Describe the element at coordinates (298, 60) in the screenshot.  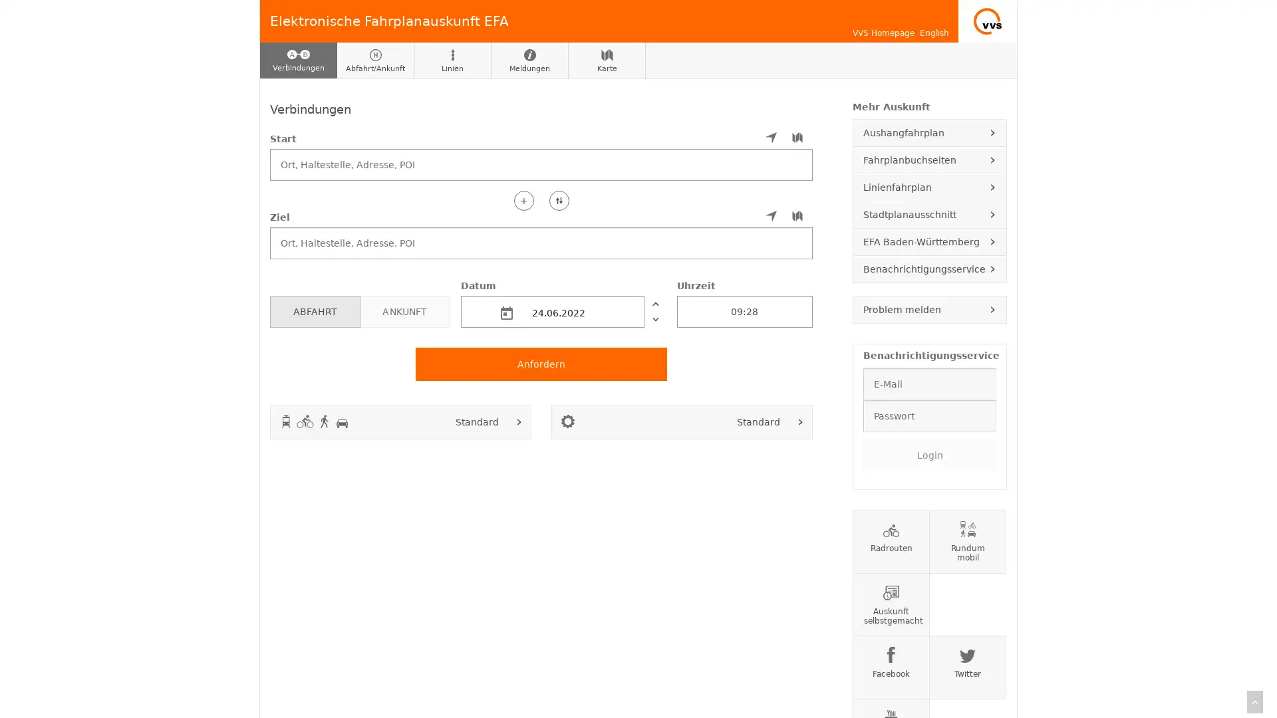
I see `Verbindungen` at that location.